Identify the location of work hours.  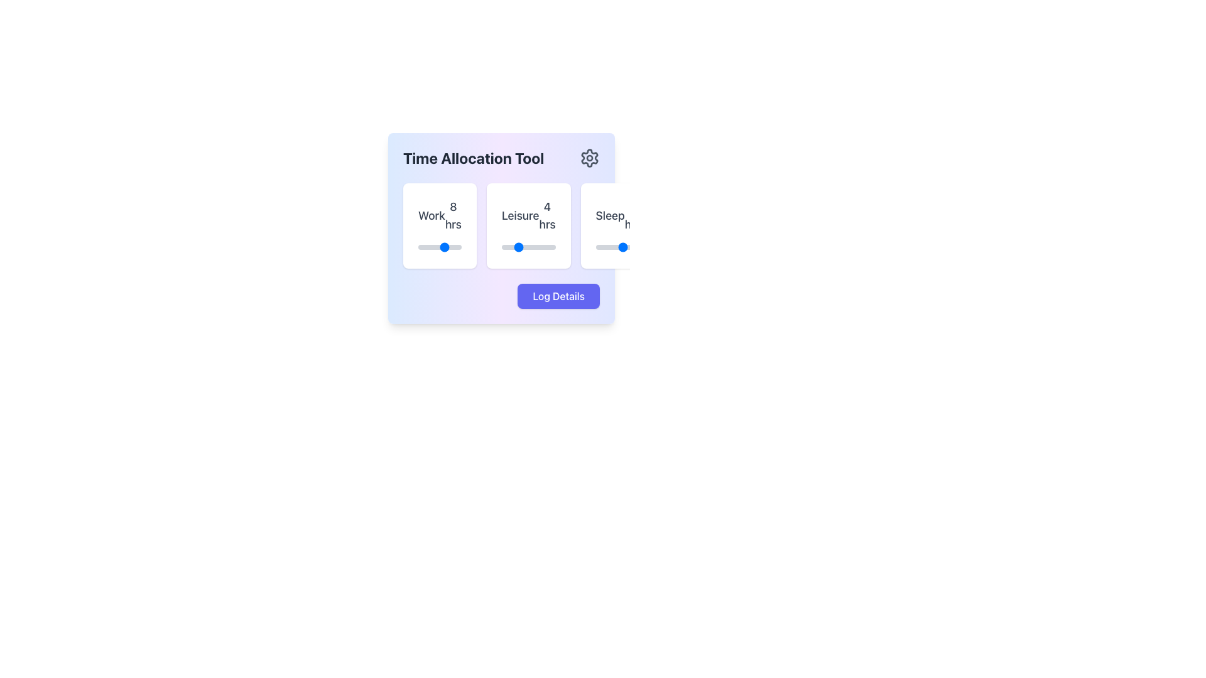
(442, 247).